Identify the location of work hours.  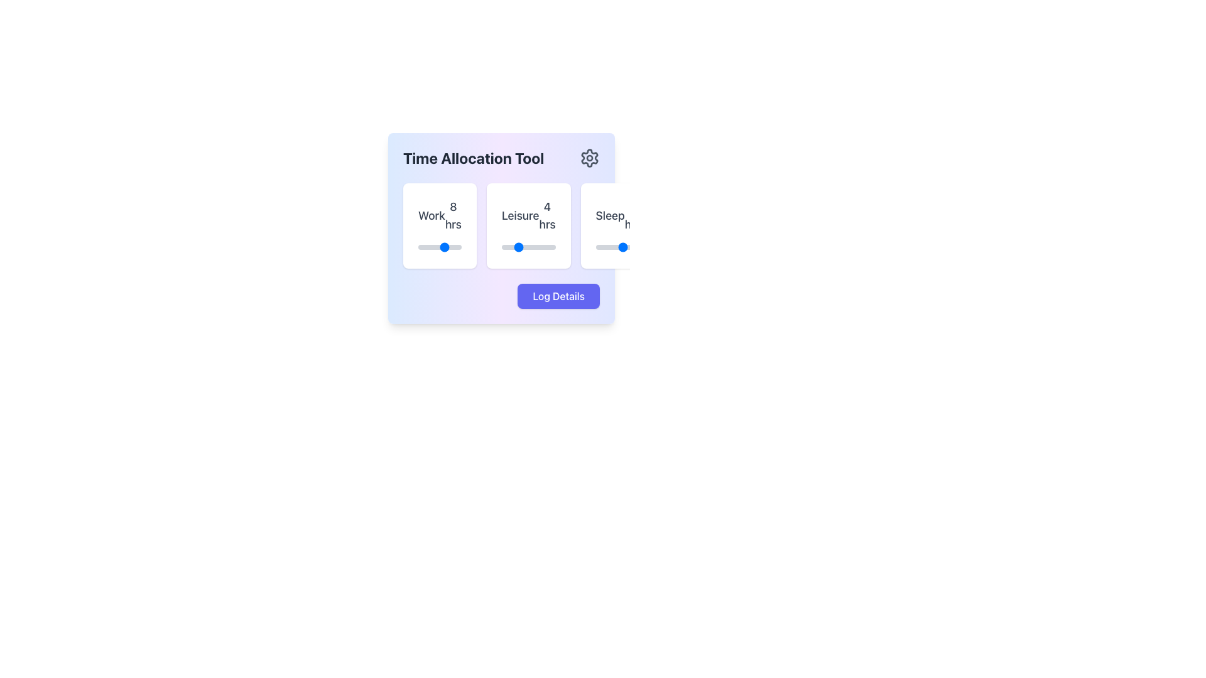
(442, 247).